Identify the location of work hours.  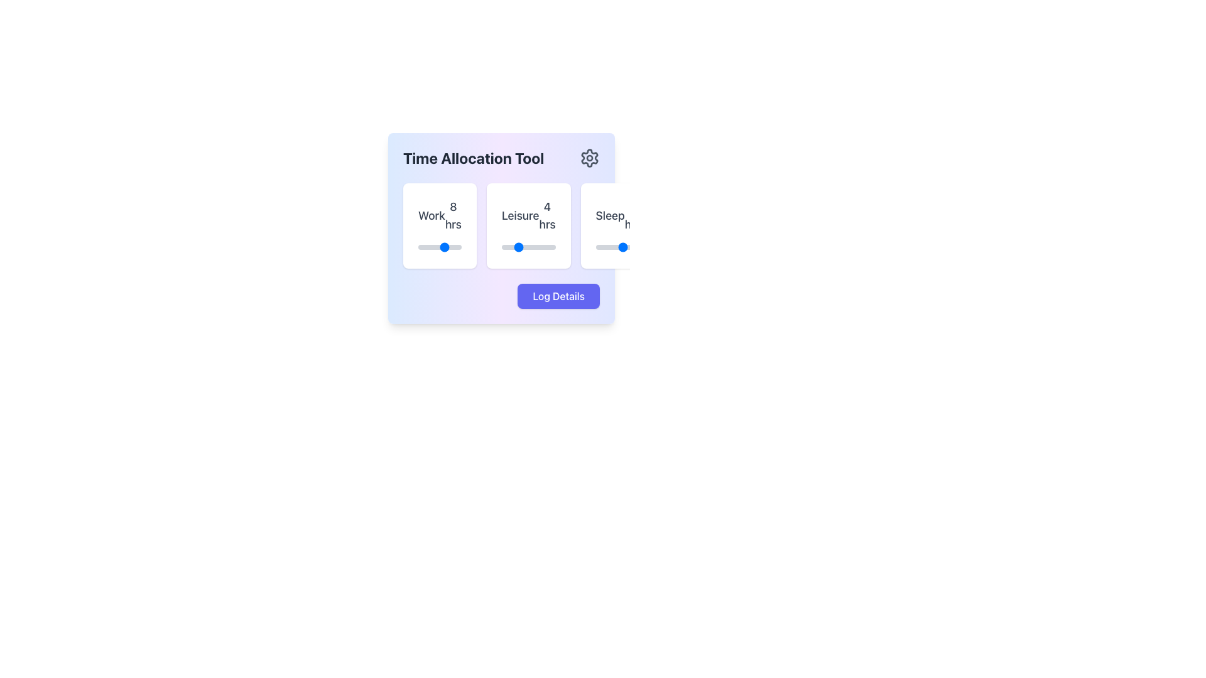
(442, 247).